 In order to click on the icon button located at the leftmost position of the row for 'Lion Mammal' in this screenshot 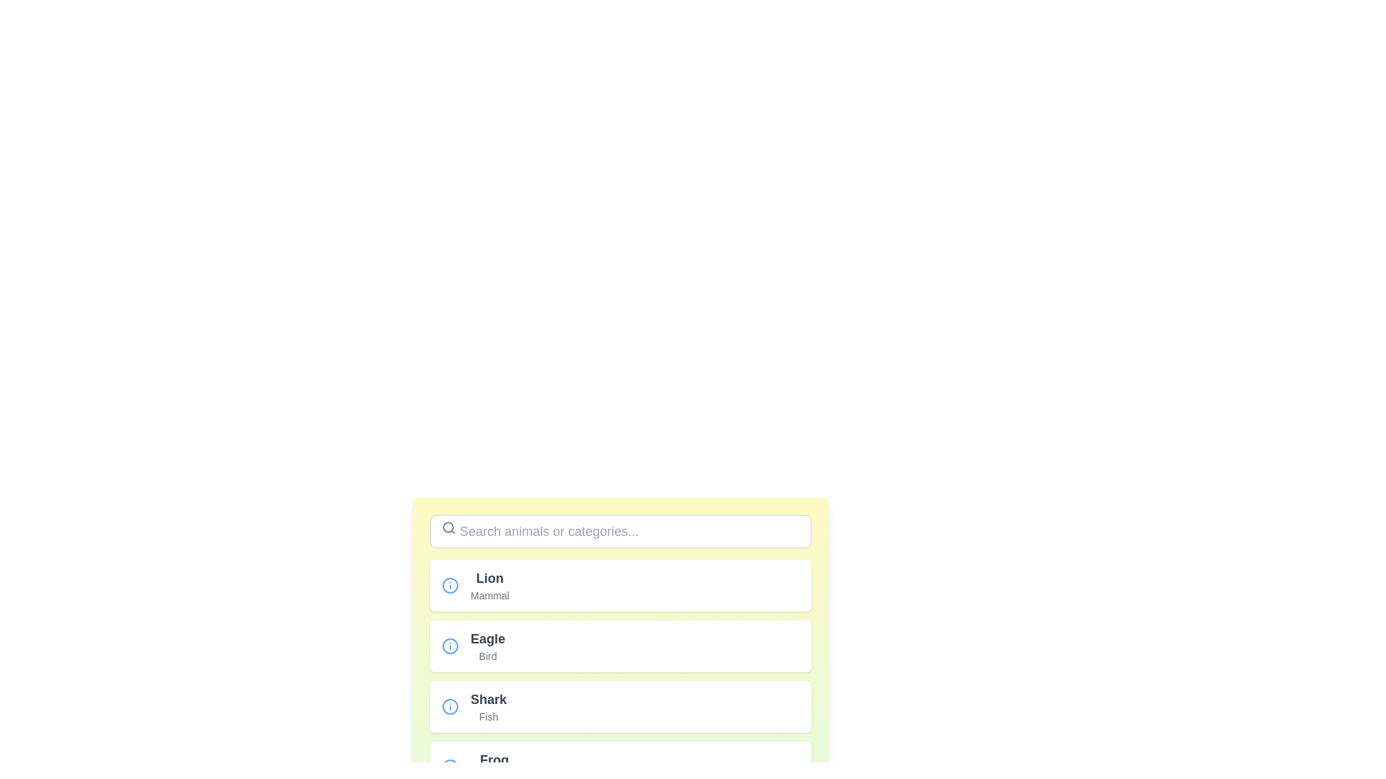, I will do `click(450, 586)`.